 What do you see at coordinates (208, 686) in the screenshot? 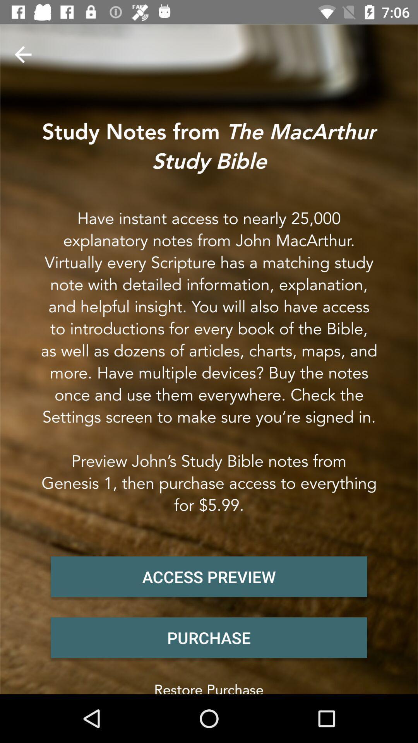
I see `the restore purchase item` at bounding box center [208, 686].